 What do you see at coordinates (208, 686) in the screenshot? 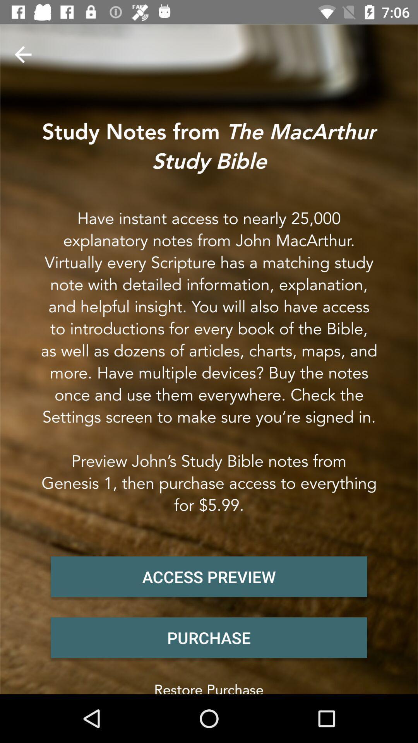
I see `the restore purchase item` at bounding box center [208, 686].